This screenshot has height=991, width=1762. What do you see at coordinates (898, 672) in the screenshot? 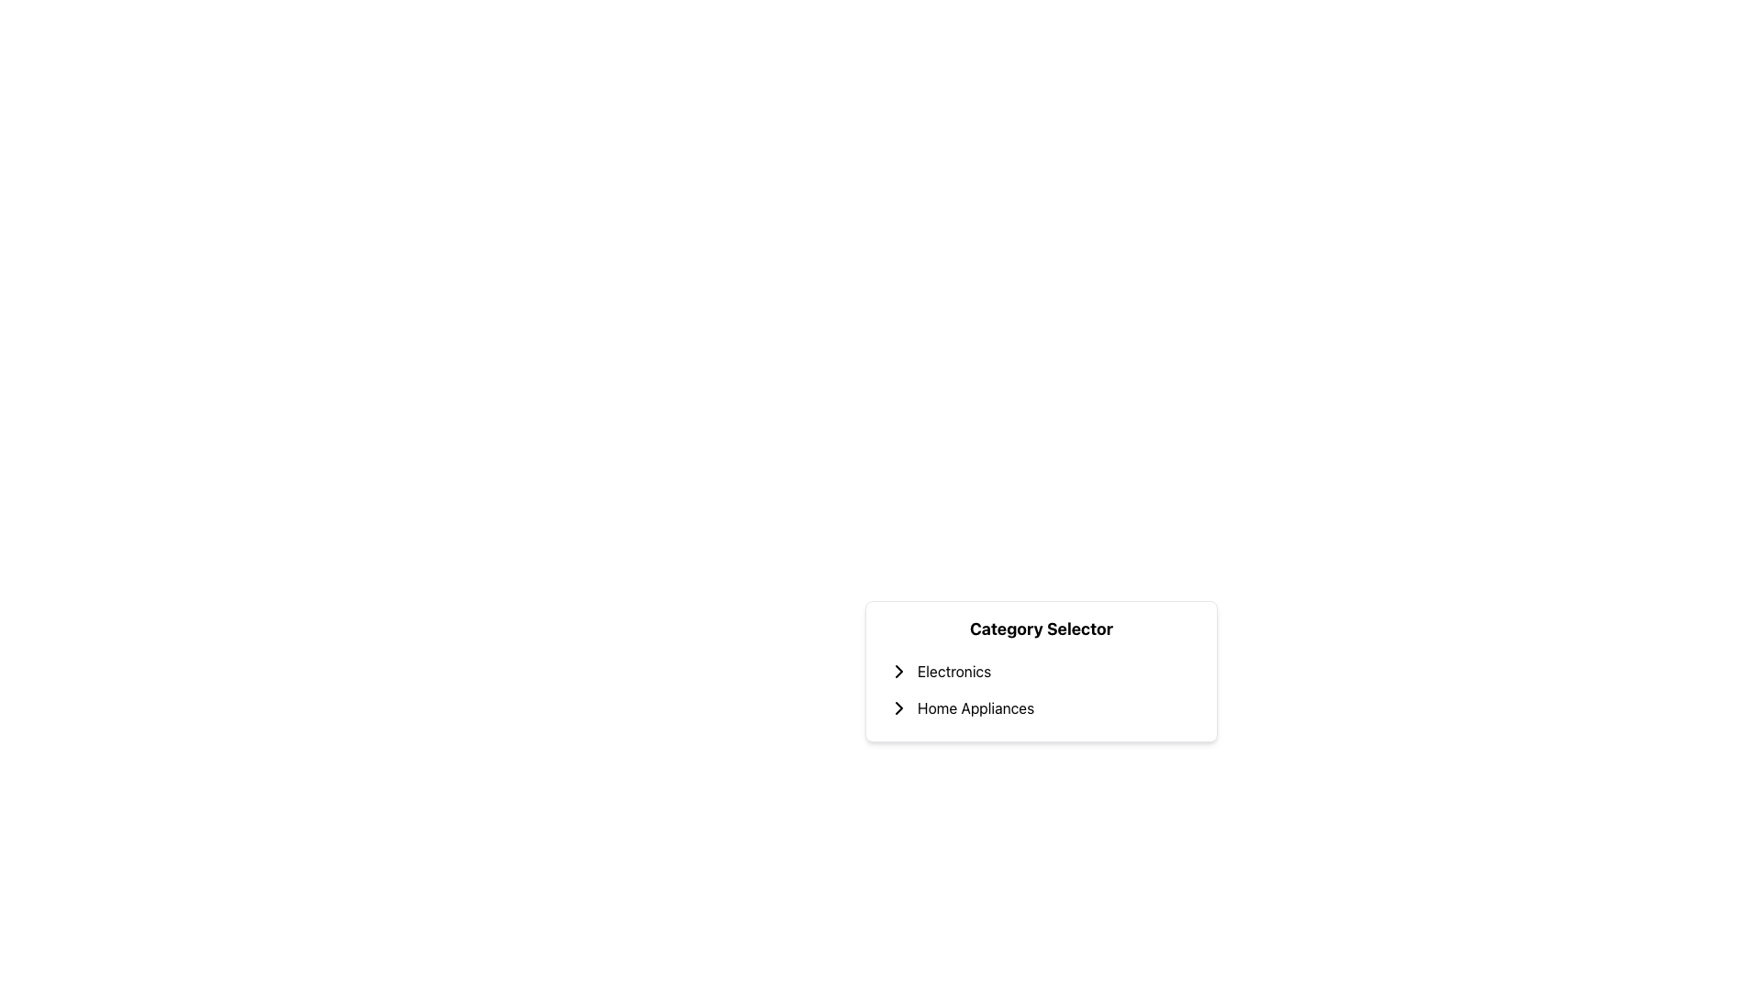
I see `the 'Electronics' icon` at bounding box center [898, 672].